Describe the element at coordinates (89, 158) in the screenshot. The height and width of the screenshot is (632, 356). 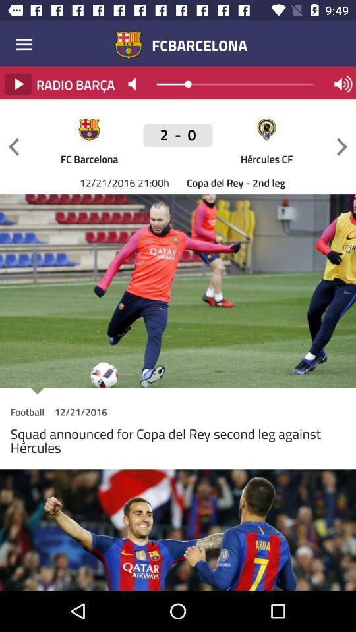
I see `the icon above copa del rey icon` at that location.